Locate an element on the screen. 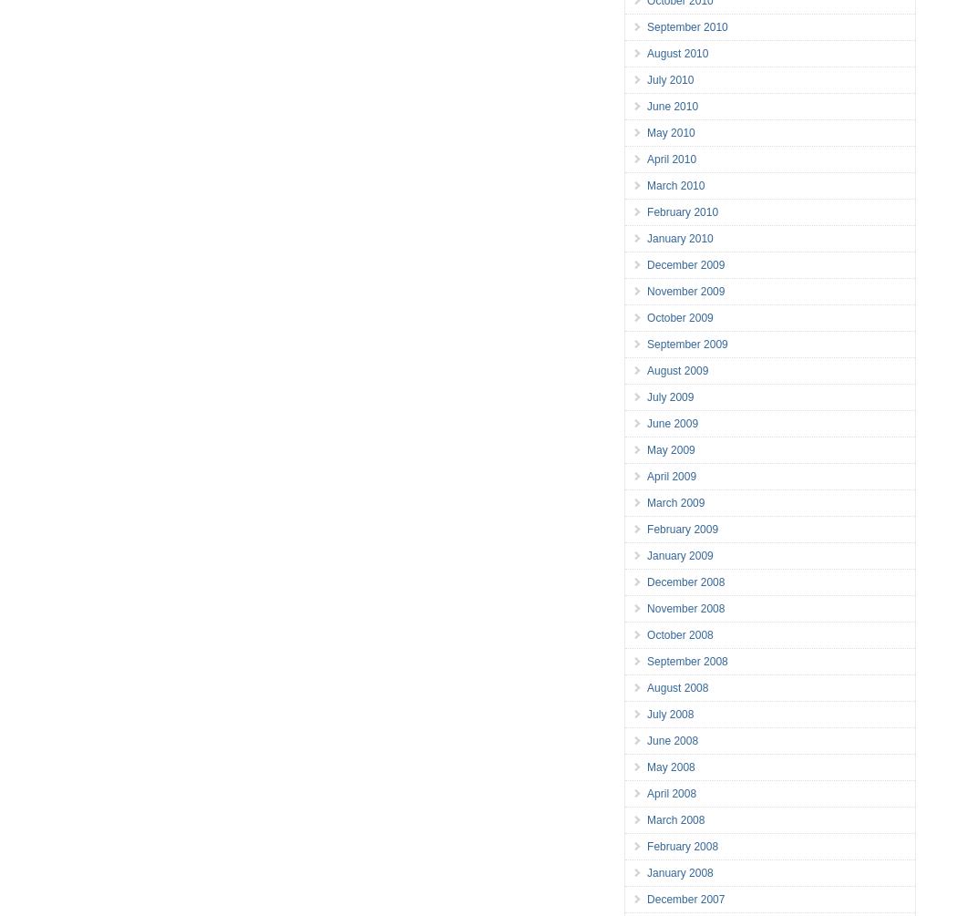  'June 2010' is located at coordinates (672, 106).